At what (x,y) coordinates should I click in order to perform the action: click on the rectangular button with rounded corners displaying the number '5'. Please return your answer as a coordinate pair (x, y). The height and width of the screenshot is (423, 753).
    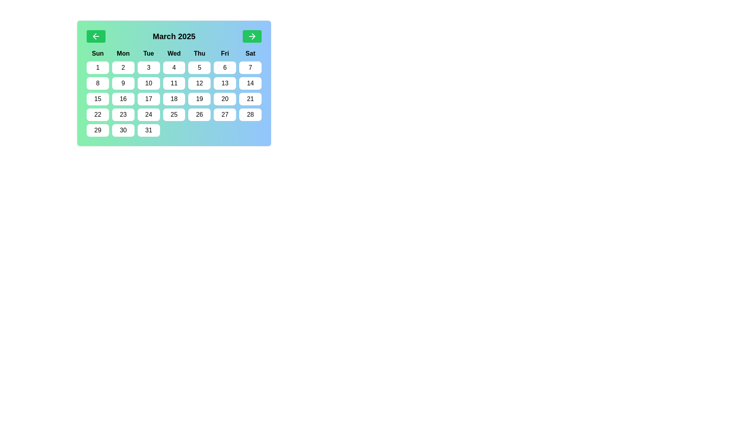
    Looking at the image, I should click on (199, 67).